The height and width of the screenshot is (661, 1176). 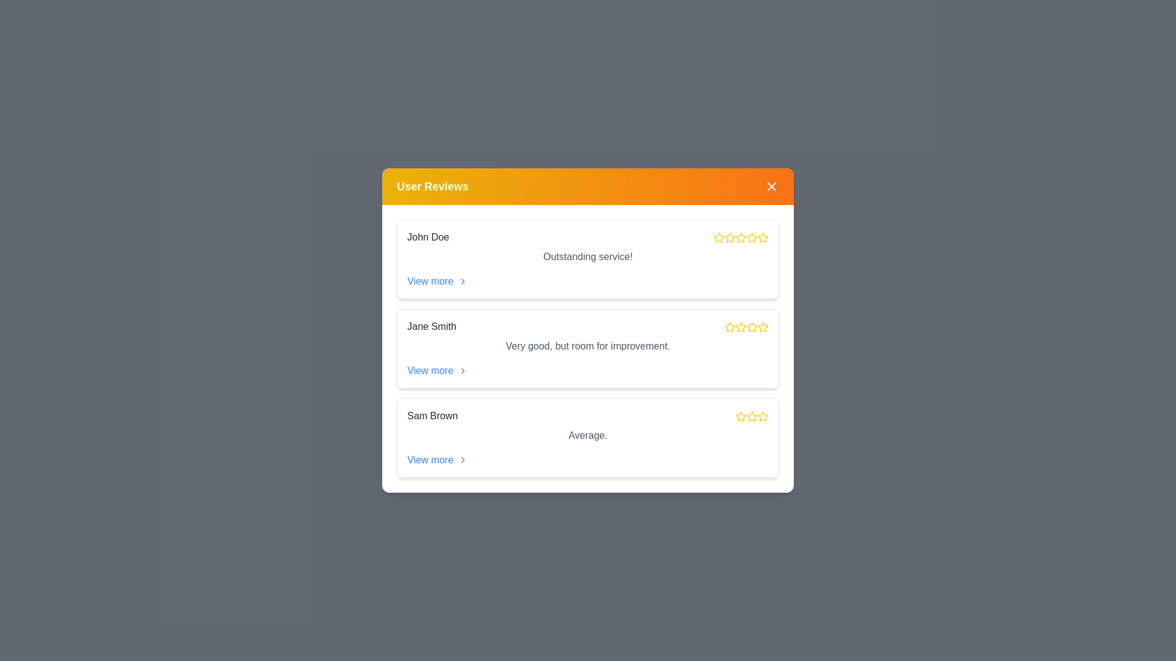 What do you see at coordinates (771, 186) in the screenshot?
I see `the 'X' button to close the dialog` at bounding box center [771, 186].